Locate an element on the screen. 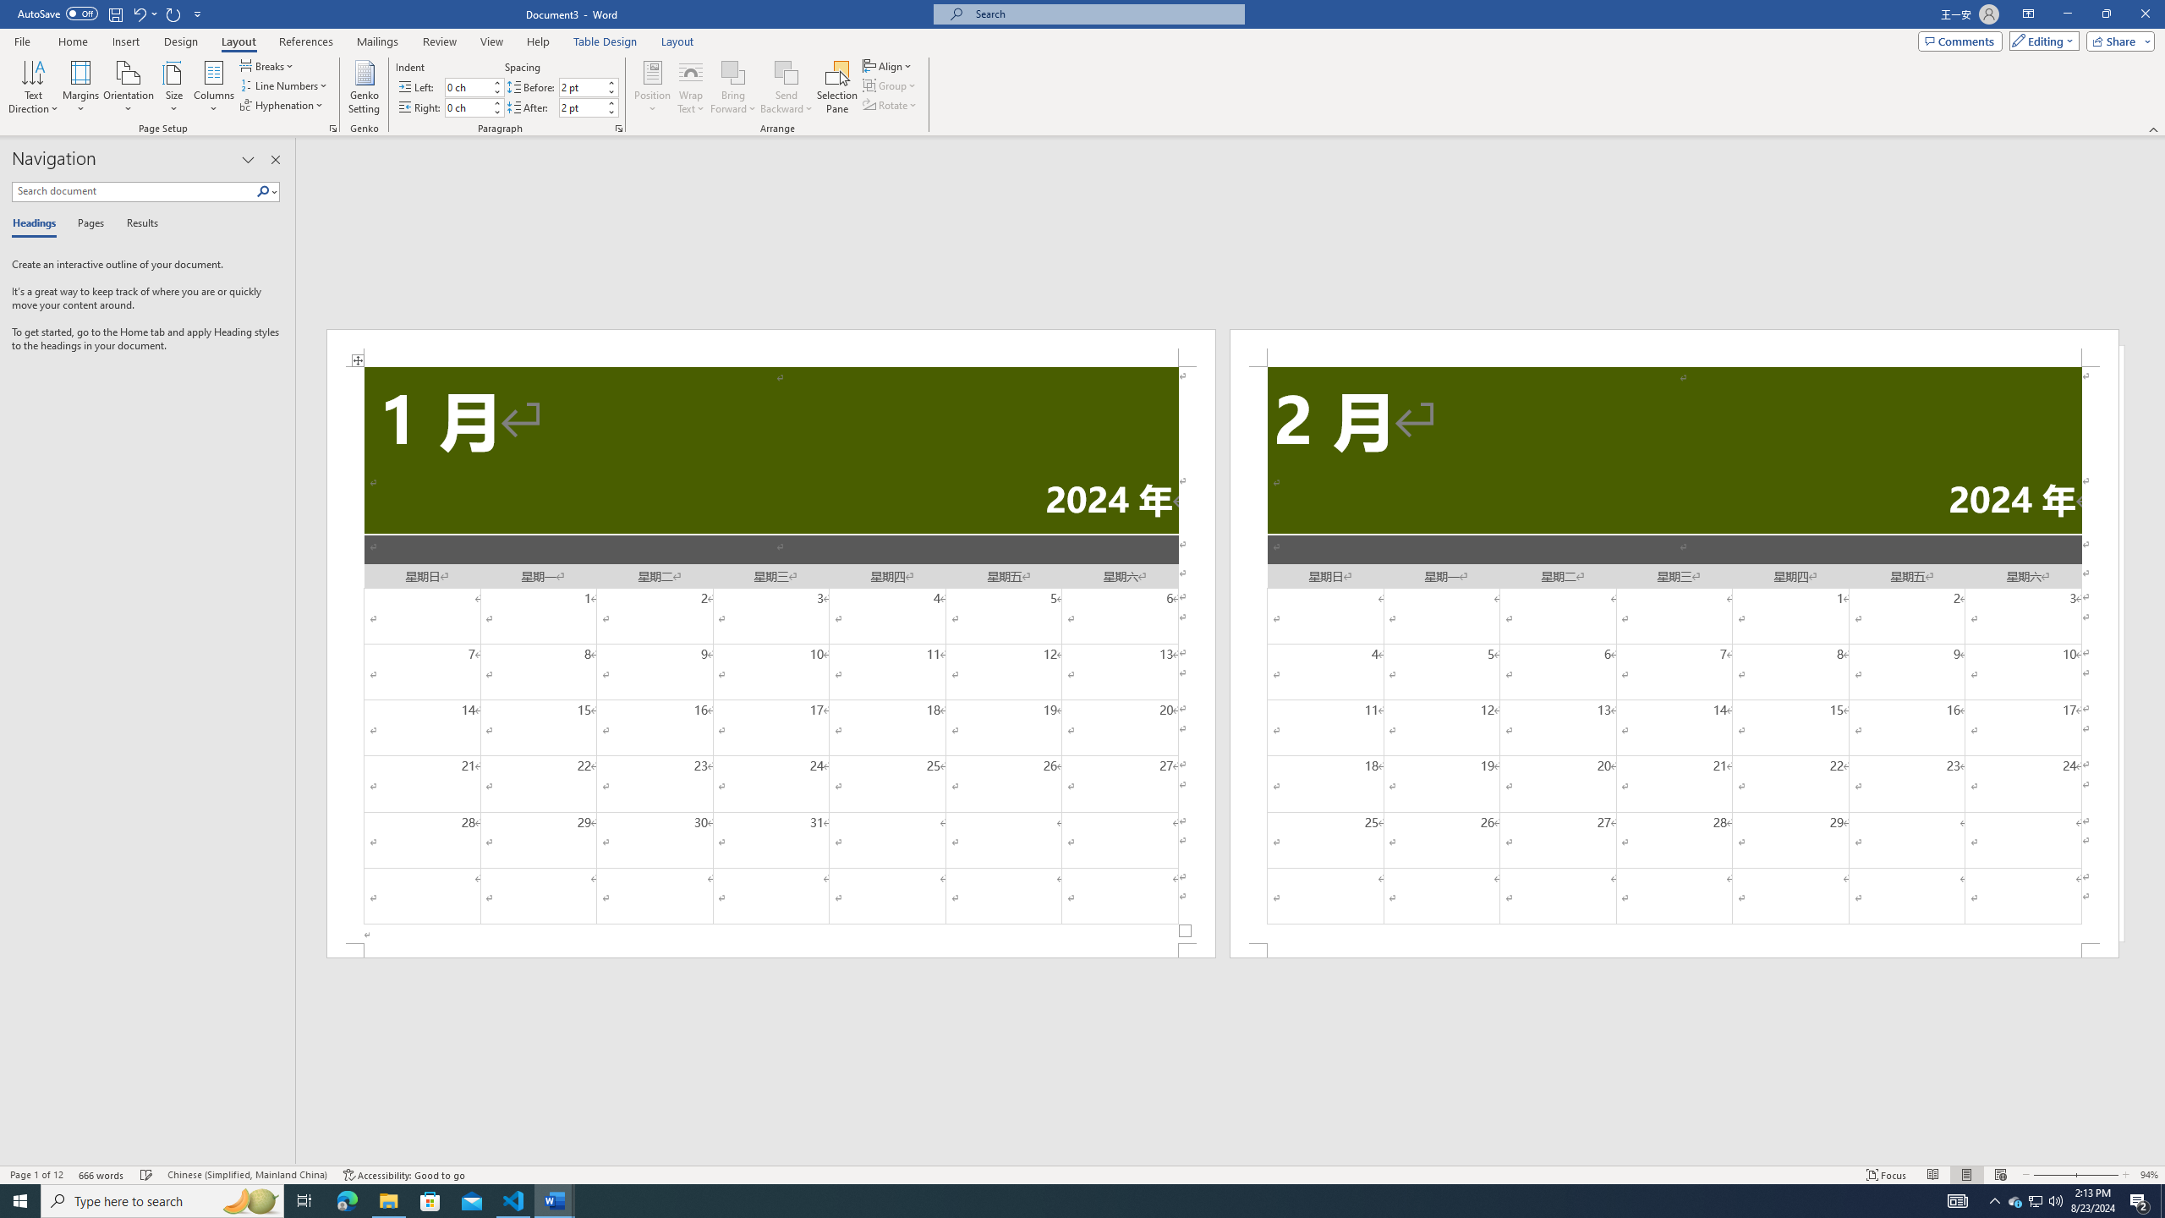  'Page Setup...' is located at coordinates (333, 127).